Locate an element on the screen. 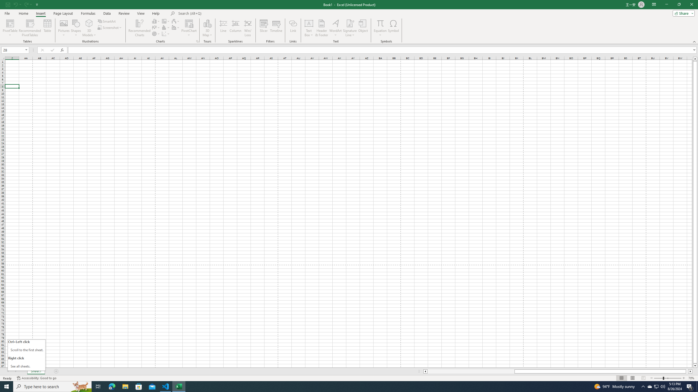 Image resolution: width=698 pixels, height=392 pixels. 'Shapes' is located at coordinates (76, 28).